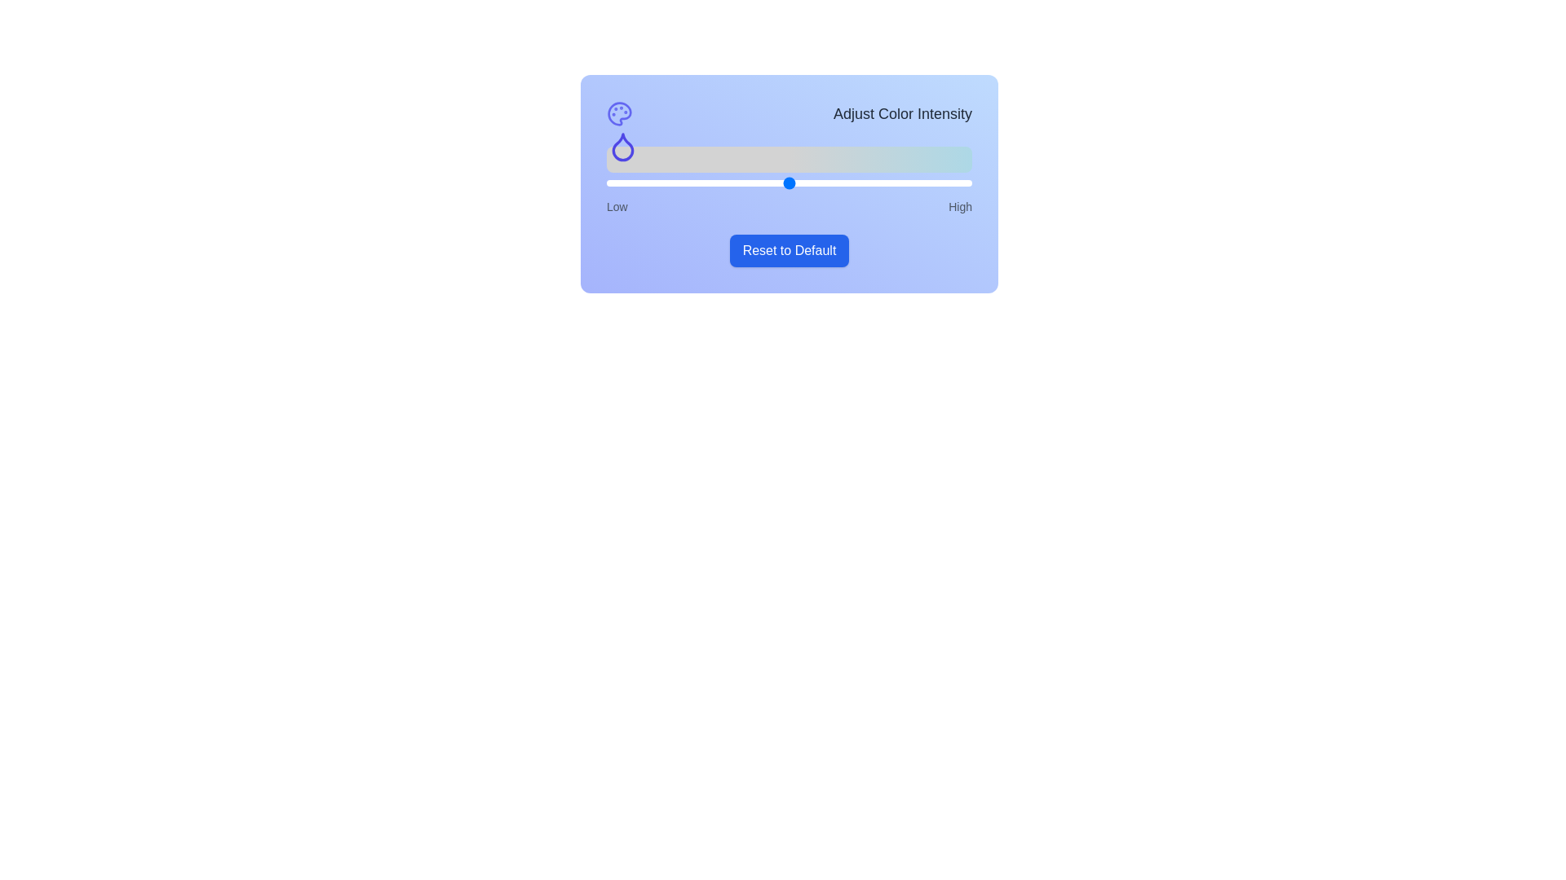 This screenshot has width=1566, height=880. What do you see at coordinates (770, 183) in the screenshot?
I see `the slider to set the color intensity to 45` at bounding box center [770, 183].